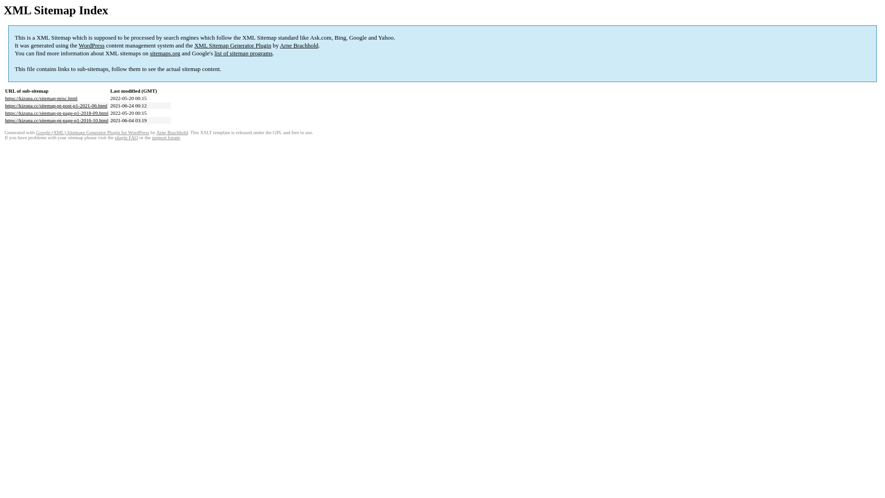  What do you see at coordinates (125, 137) in the screenshot?
I see `'plugin FAQ'` at bounding box center [125, 137].